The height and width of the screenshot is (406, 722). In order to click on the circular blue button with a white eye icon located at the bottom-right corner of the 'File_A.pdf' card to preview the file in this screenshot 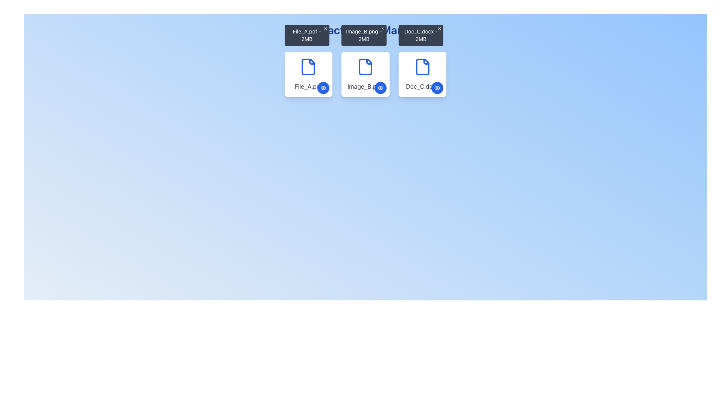, I will do `click(323, 88)`.